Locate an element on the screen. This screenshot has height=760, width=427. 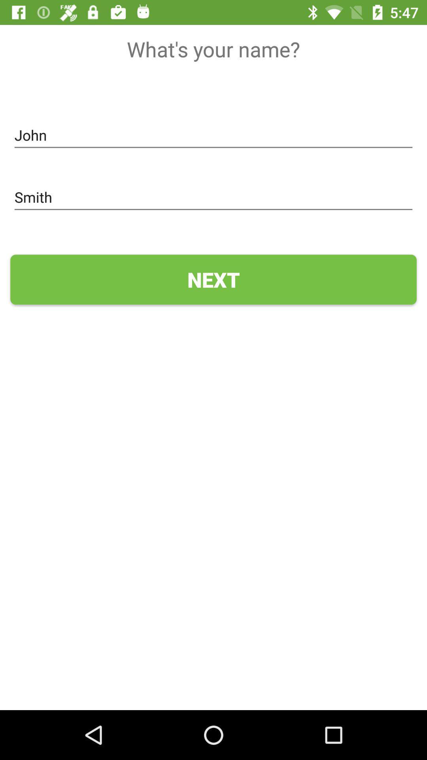
the icon at the center is located at coordinates (213, 279).